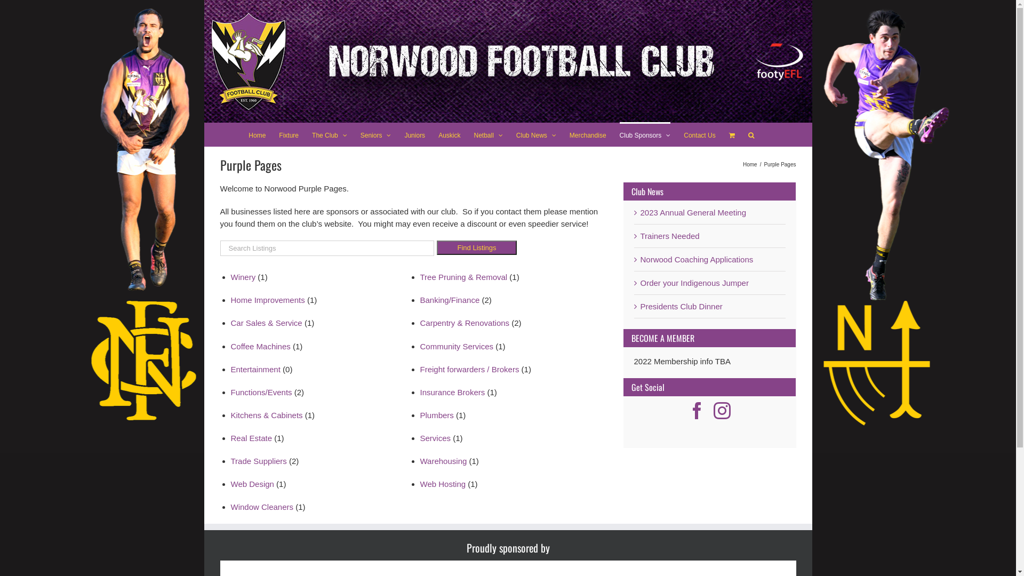  What do you see at coordinates (453, 392) in the screenshot?
I see `'Insurance Brokers'` at bounding box center [453, 392].